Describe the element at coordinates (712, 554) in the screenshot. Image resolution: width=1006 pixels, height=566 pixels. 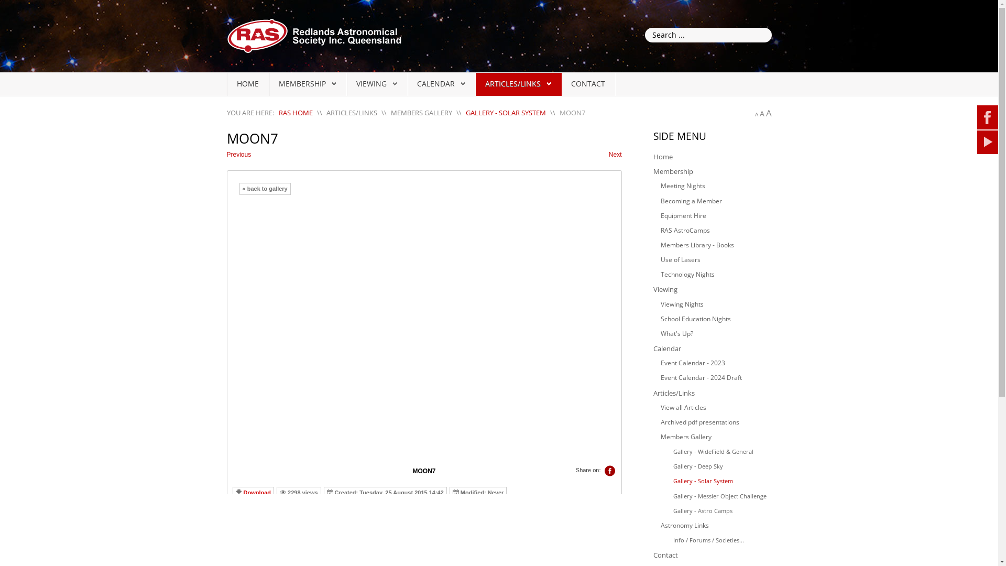
I see `'Contact'` at that location.